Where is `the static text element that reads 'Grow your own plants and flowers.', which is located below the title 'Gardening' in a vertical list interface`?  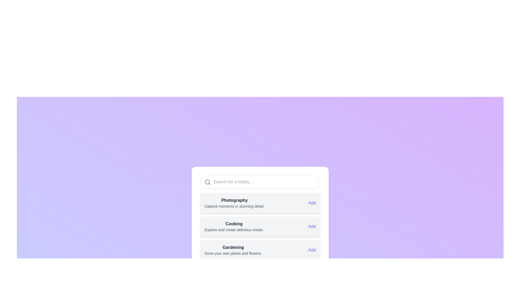
the static text element that reads 'Grow your own plants and flowers.', which is located below the title 'Gardening' in a vertical list interface is located at coordinates (233, 253).